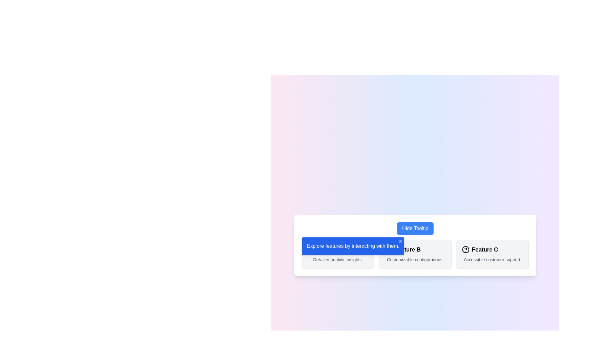 Image resolution: width=605 pixels, height=340 pixels. I want to click on the text label styled with a bold font that displays 'Feature B', which is located to the left of 'Feature C' and is horizontally centered within its section, so click(407, 249).